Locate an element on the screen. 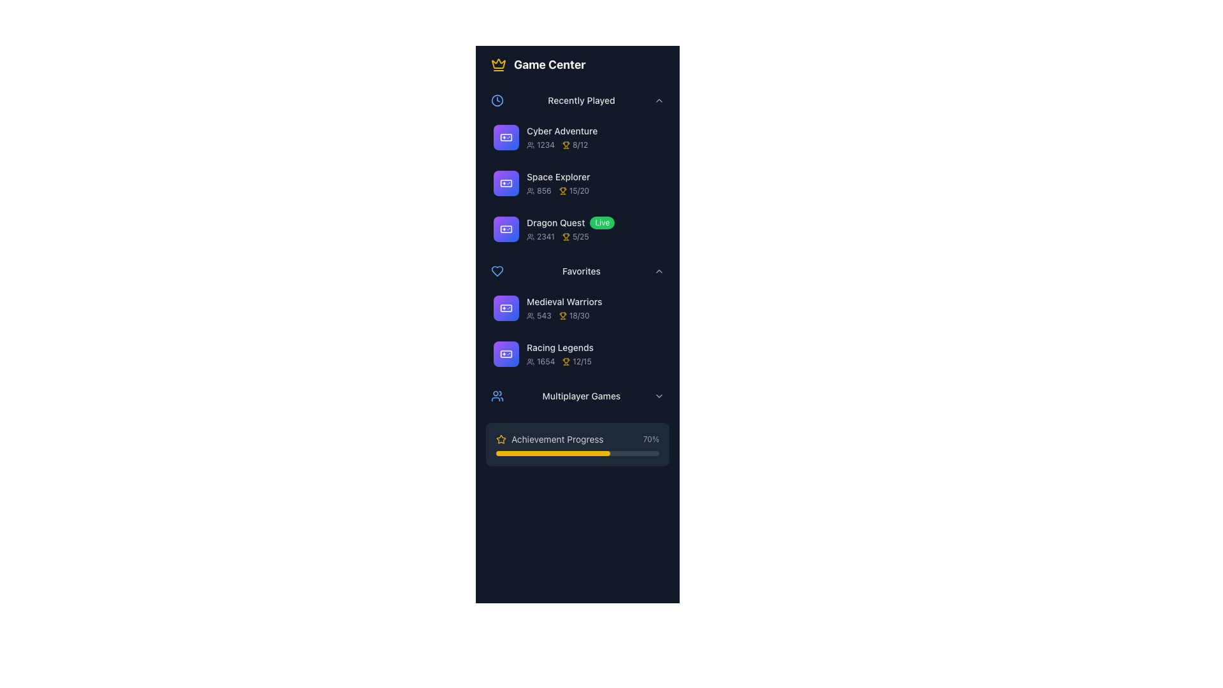 This screenshot has height=688, width=1223. the small gray text label displaying '8/12' that is located to the right of the yellow trophy icon in the 'Recently Played' section for the game 'Space Explorer' is located at coordinates (580, 144).